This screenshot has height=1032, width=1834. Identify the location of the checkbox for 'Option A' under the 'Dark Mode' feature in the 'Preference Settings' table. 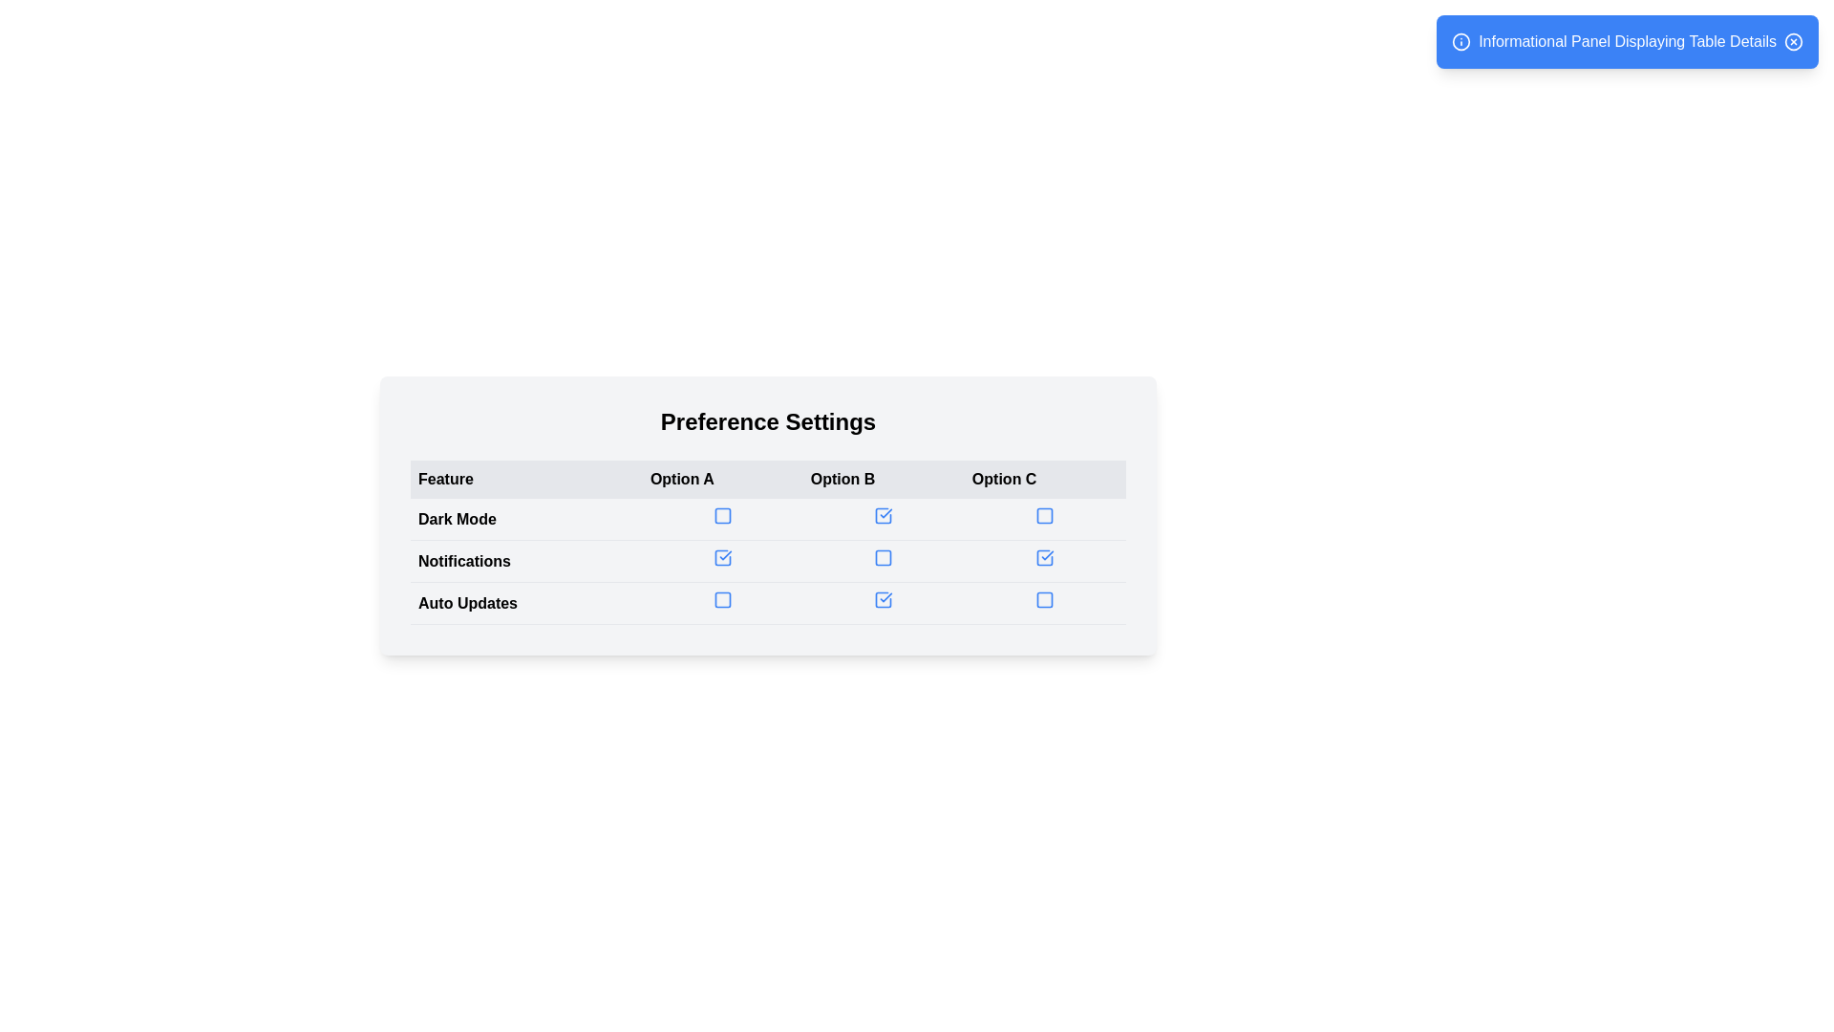
(721, 516).